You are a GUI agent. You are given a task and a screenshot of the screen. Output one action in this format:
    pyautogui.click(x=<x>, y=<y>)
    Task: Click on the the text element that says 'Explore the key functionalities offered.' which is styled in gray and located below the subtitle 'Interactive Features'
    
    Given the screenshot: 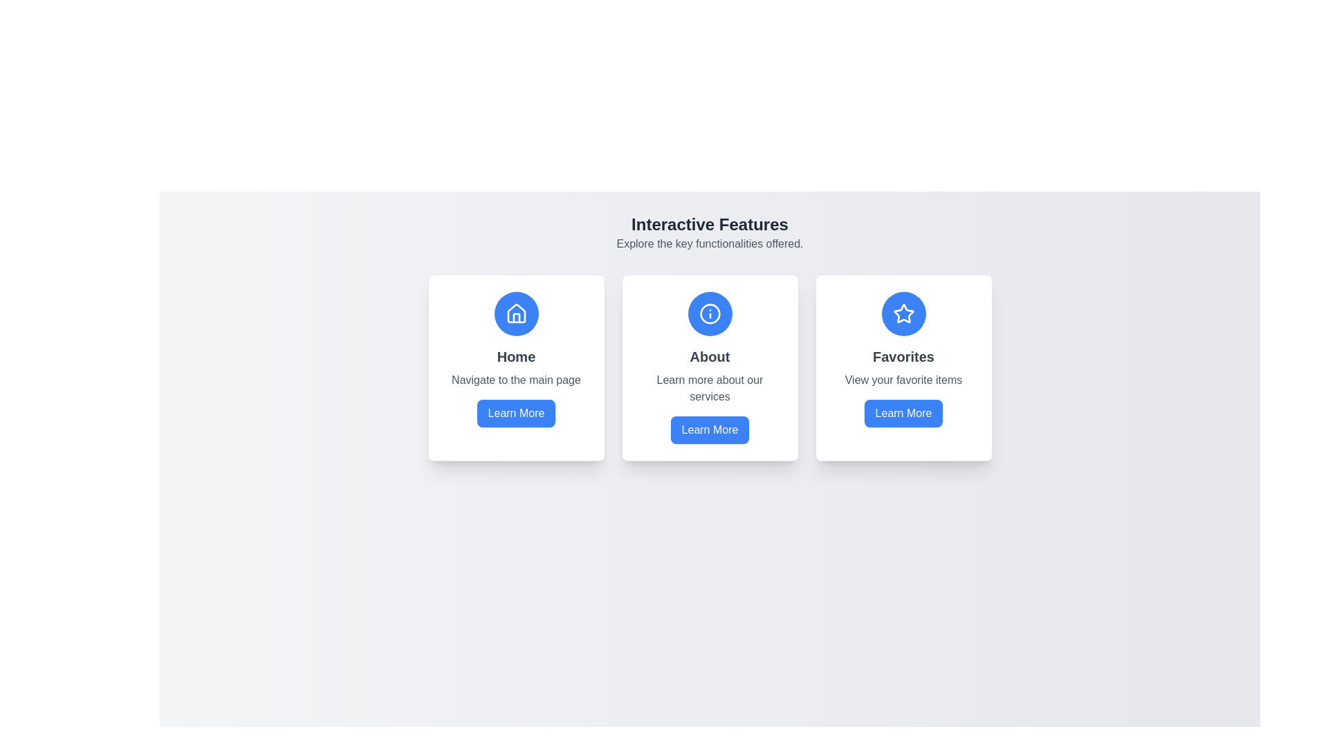 What is the action you would take?
    pyautogui.click(x=710, y=243)
    